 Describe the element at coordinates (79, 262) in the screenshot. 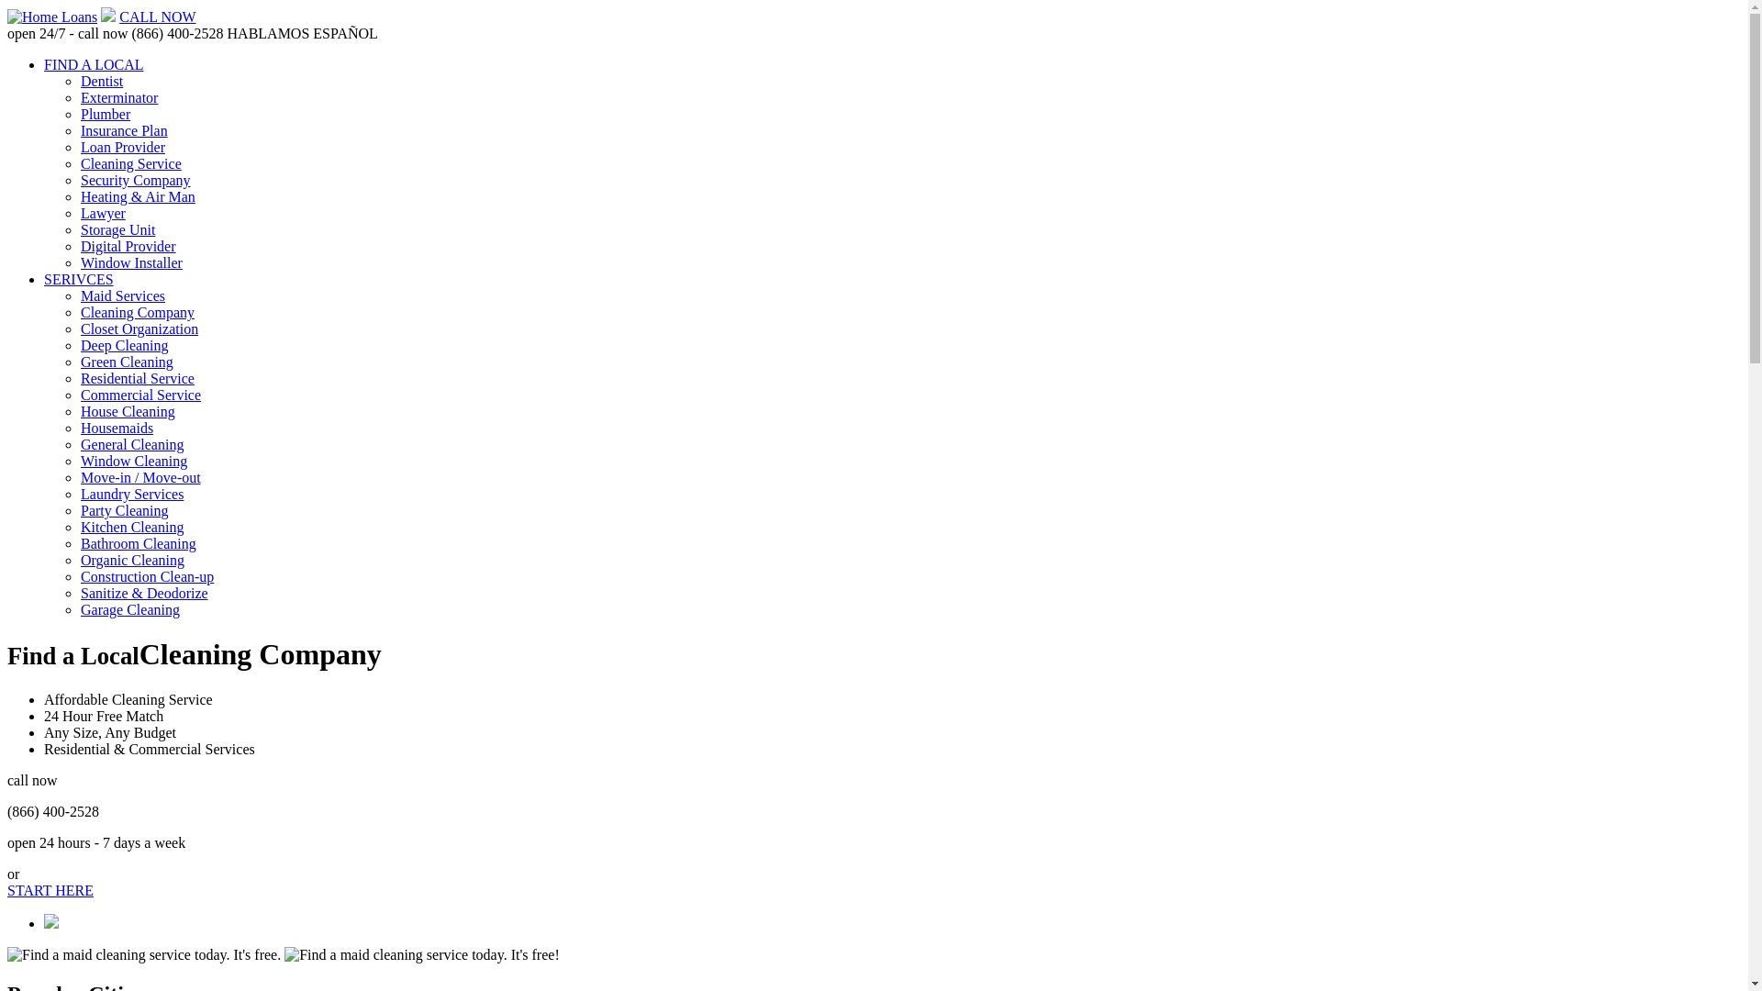

I see `'Window Installer'` at that location.